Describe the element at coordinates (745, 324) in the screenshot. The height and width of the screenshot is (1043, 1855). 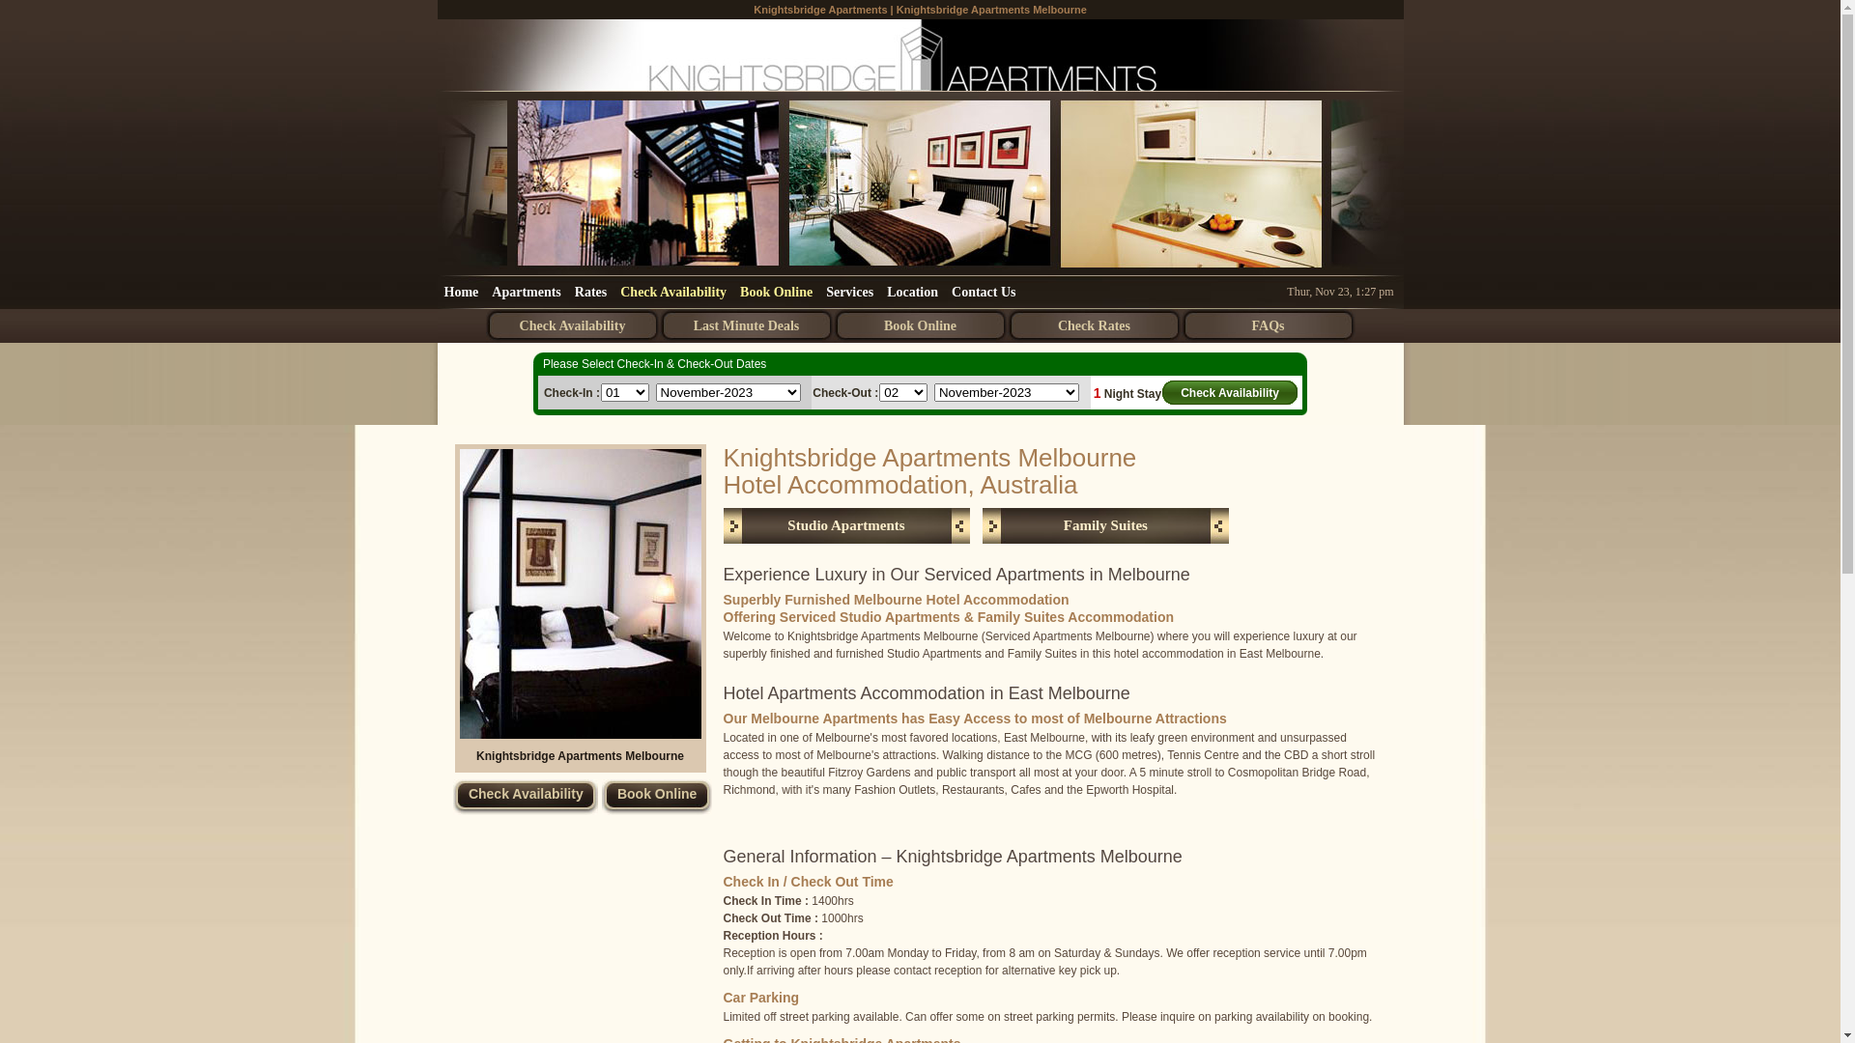
I see `'Last Minute Deals'` at that location.